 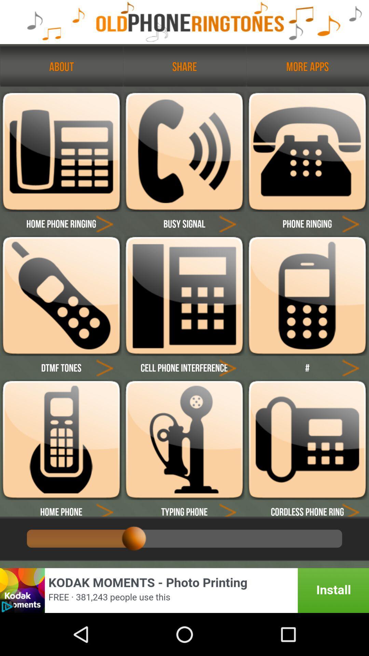 What do you see at coordinates (228, 508) in the screenshot?
I see `typing-phone` at bounding box center [228, 508].